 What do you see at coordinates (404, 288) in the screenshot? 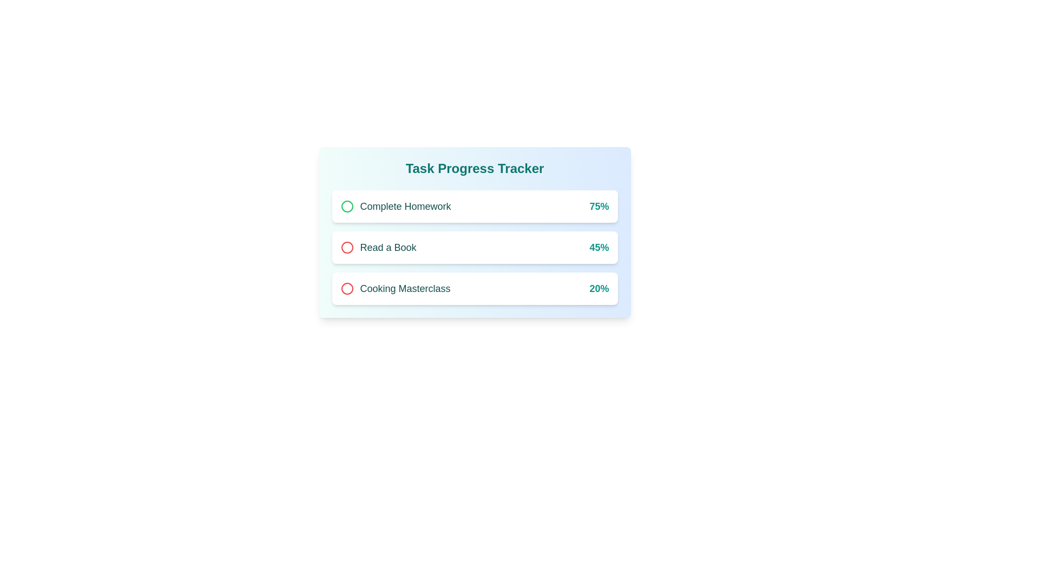
I see `the text label 'Cooking Masterclass', which is styled in a medium-large font size with a teal-green color and is located in the bottom section of a vertical stack in the center-right of the interface` at bounding box center [404, 288].